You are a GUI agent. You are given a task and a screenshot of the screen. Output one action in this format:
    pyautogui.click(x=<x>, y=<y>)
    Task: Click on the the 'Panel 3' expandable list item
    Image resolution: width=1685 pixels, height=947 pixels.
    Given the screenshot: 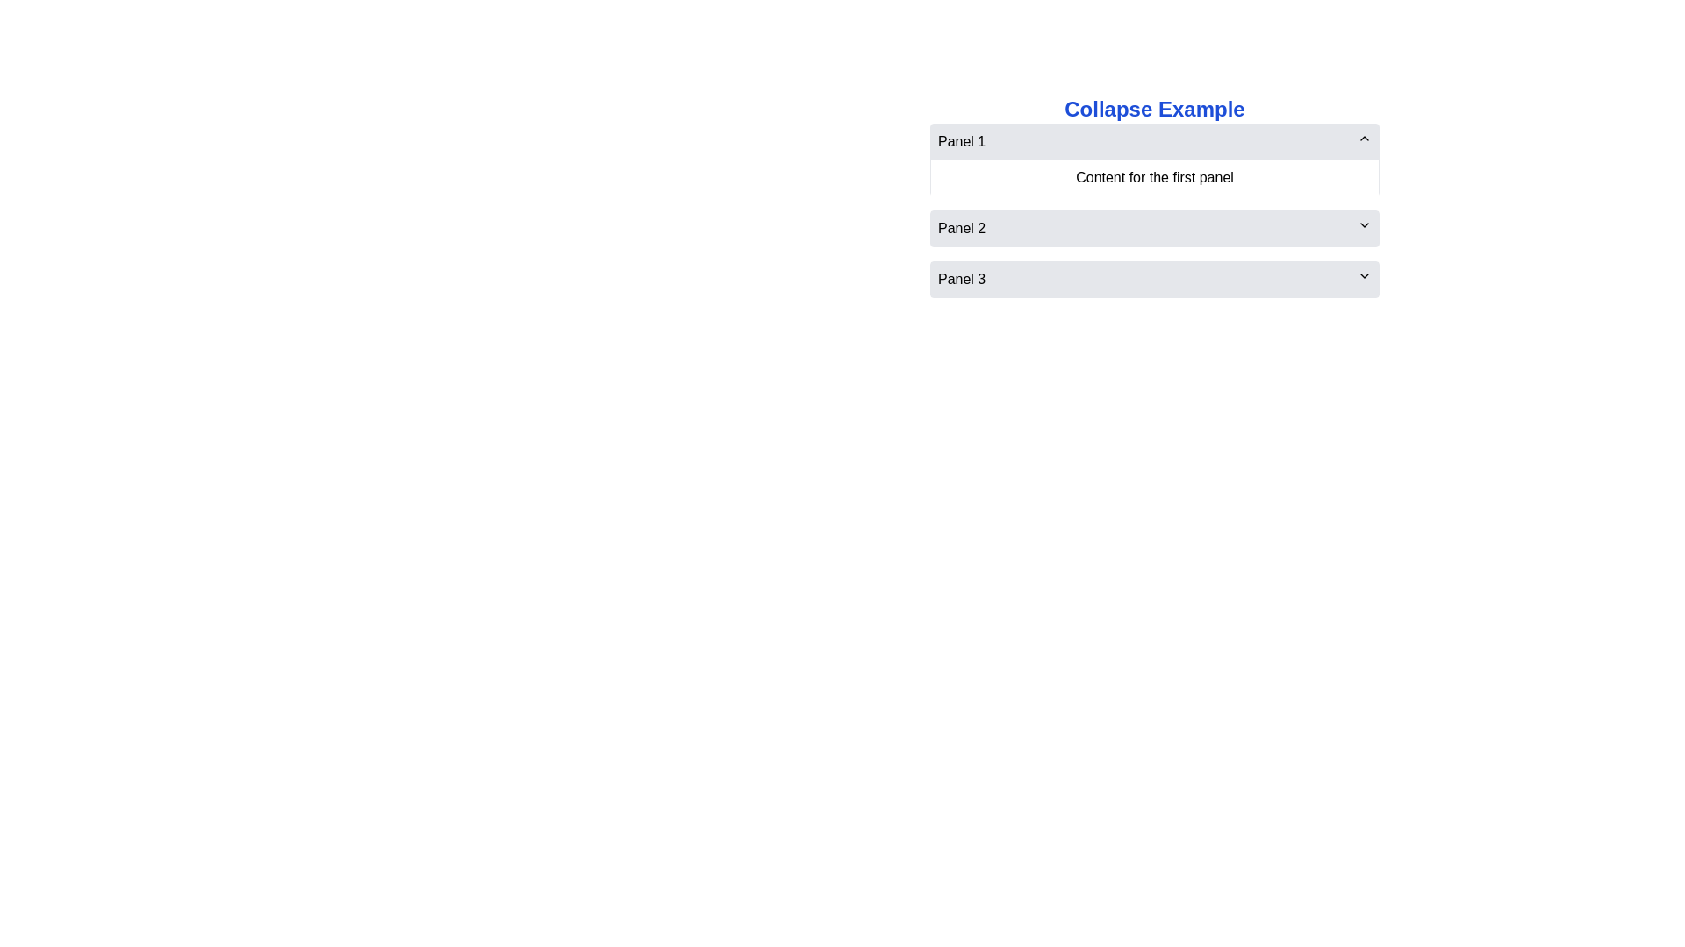 What is the action you would take?
    pyautogui.click(x=1154, y=279)
    